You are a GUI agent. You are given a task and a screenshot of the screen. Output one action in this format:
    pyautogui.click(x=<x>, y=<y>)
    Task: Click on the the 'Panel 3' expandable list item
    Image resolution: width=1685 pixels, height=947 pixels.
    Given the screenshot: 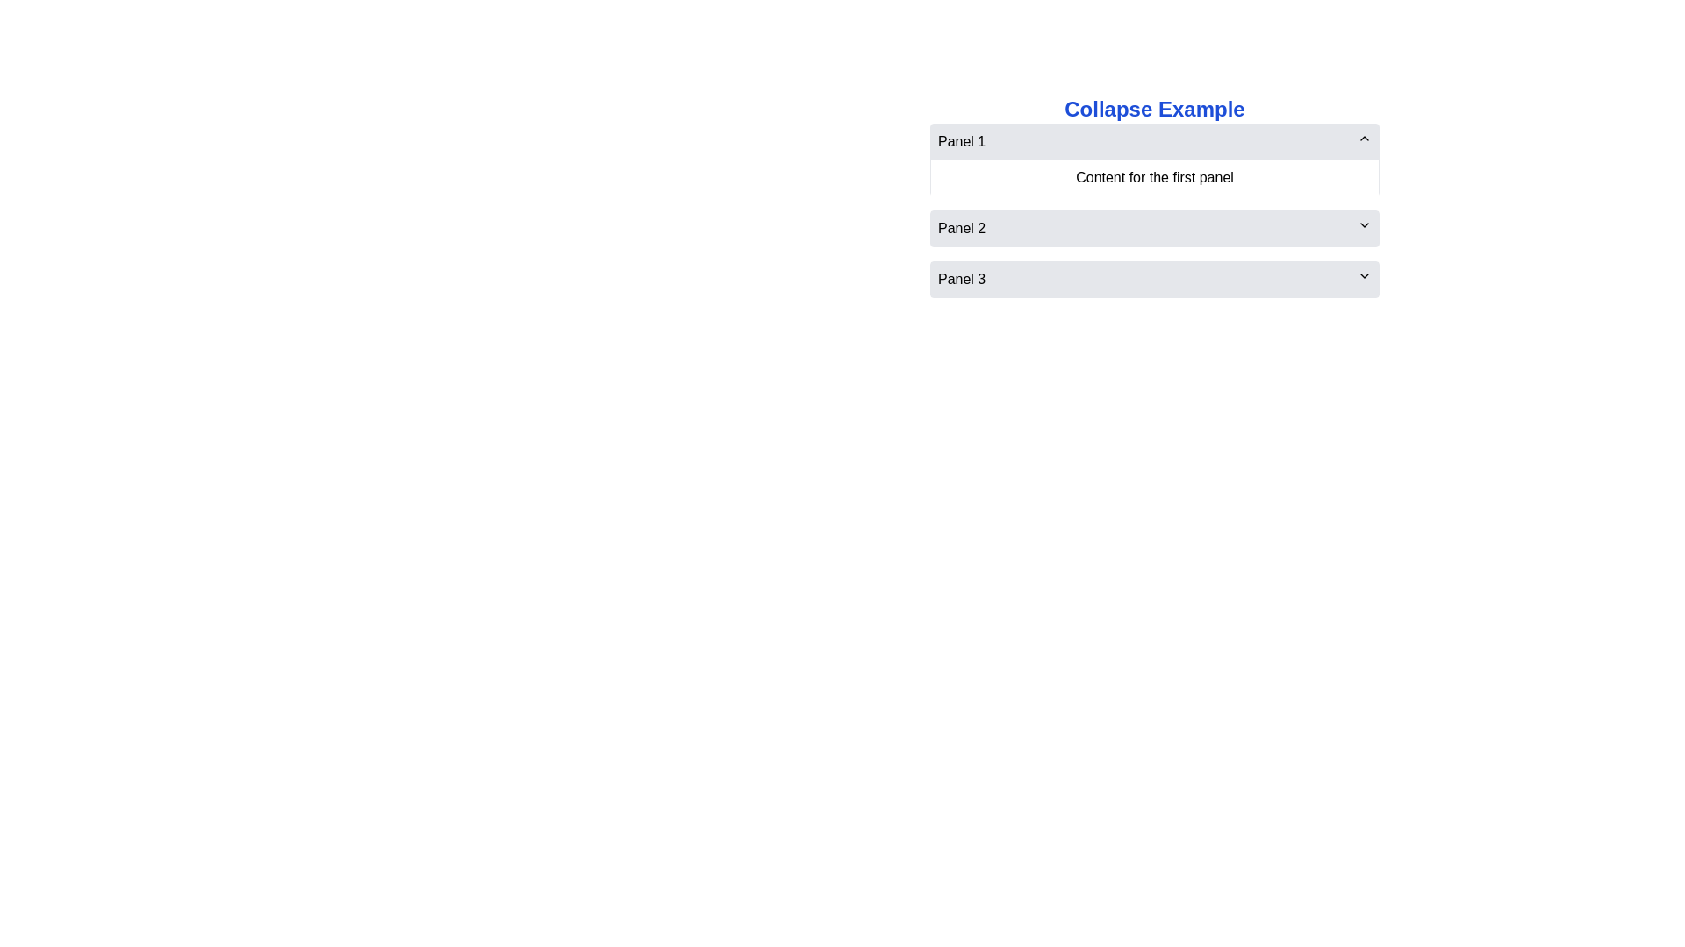 What is the action you would take?
    pyautogui.click(x=1154, y=279)
    